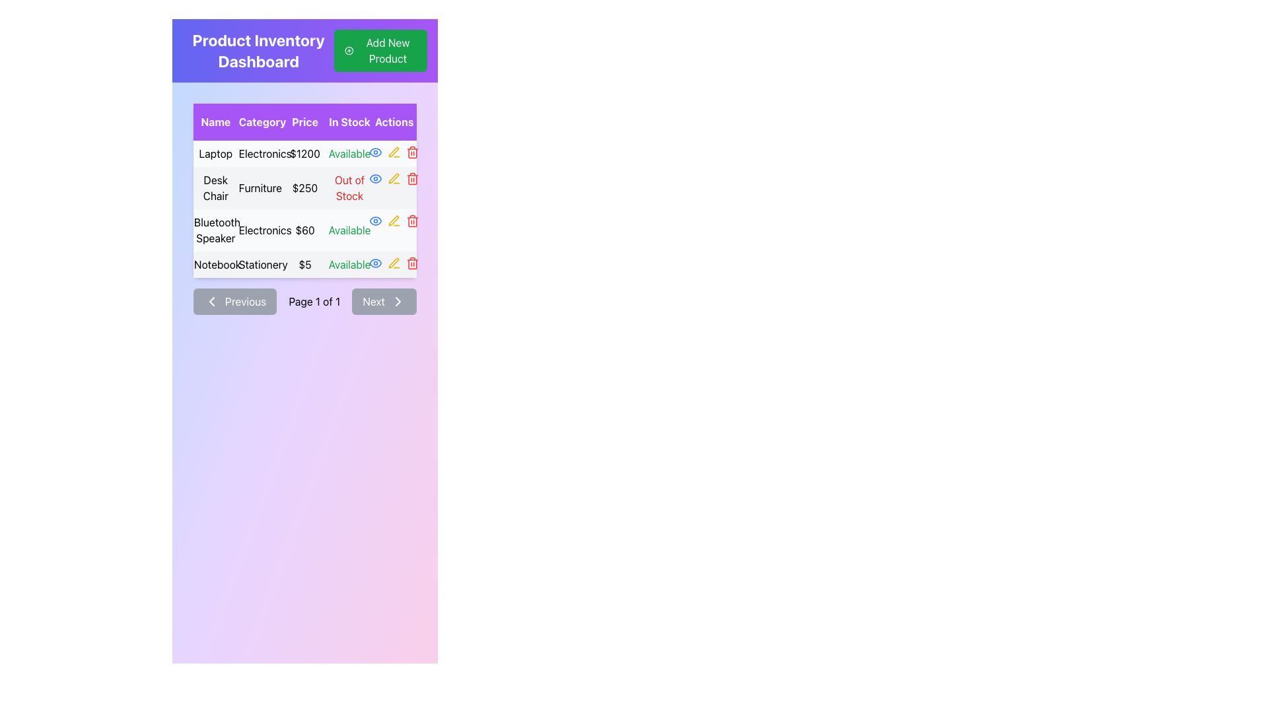  Describe the element at coordinates (384, 301) in the screenshot. I see `the navigation button located at the bottom-right area of the page` at that location.